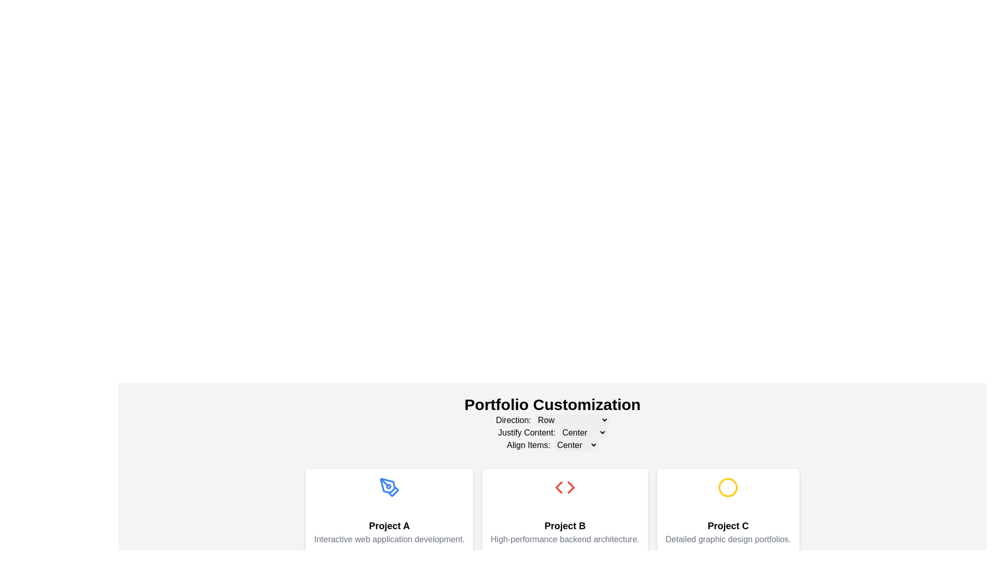  Describe the element at coordinates (389, 493) in the screenshot. I see `the icon representing 'Project A', which is centrally located in the first card under the 'Portfolio Customization' heading` at that location.